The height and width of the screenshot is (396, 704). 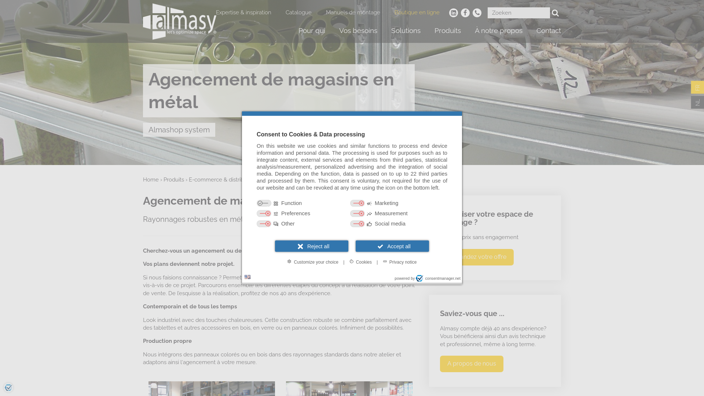 What do you see at coordinates (312, 261) in the screenshot?
I see `'Customize your choice'` at bounding box center [312, 261].